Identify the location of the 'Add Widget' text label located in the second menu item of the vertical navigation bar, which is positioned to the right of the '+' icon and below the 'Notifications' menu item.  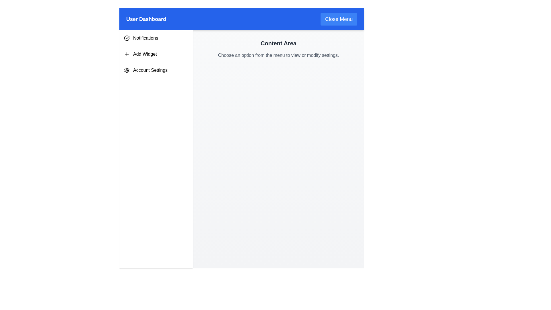
(145, 54).